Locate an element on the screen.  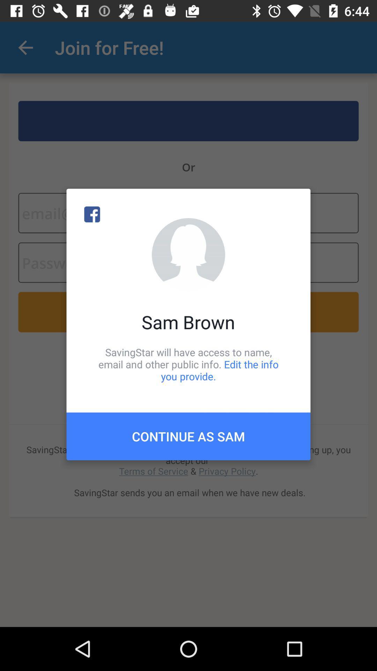
the item below the savingstar will have item is located at coordinates (188, 436).